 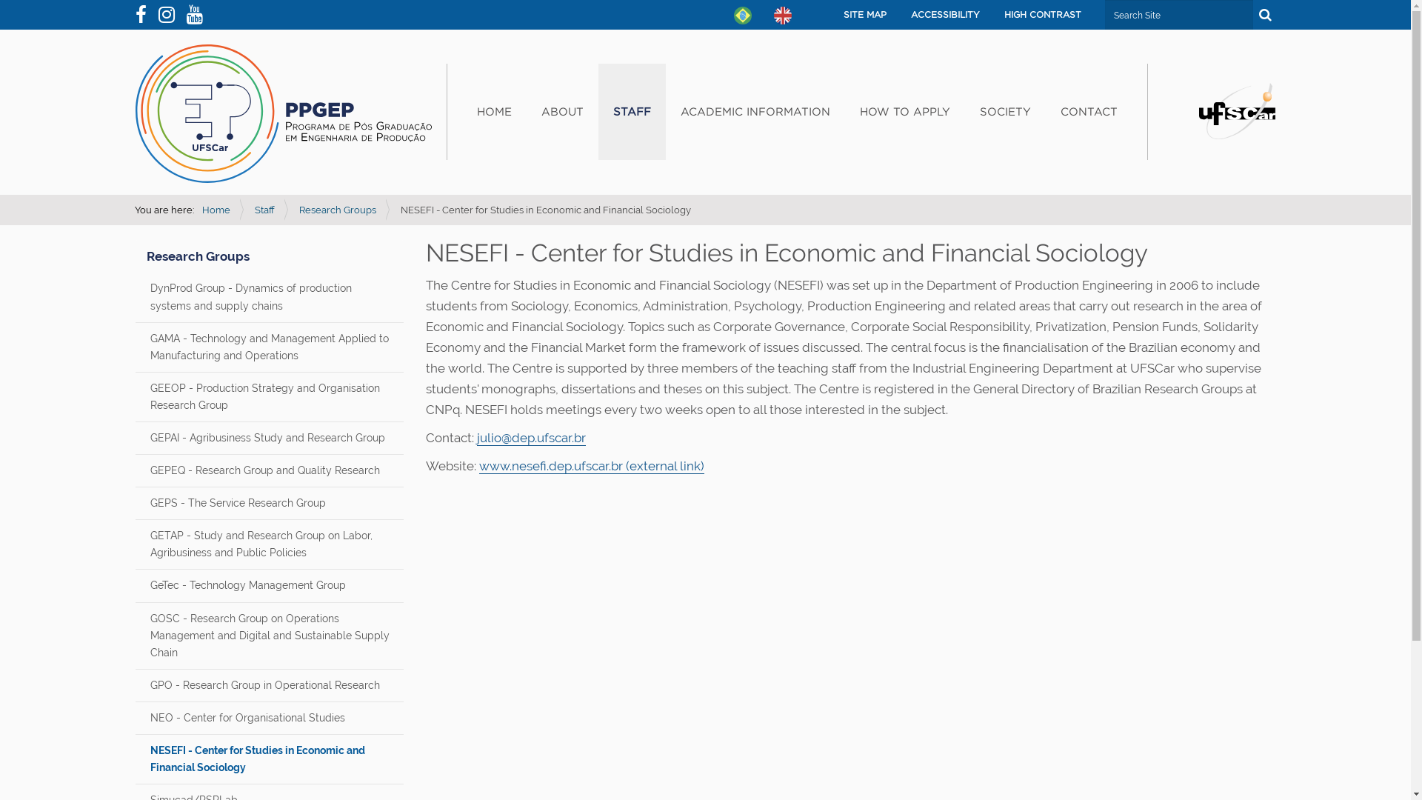 What do you see at coordinates (269, 501) in the screenshot?
I see `'GEPS - The Service Research Group'` at bounding box center [269, 501].